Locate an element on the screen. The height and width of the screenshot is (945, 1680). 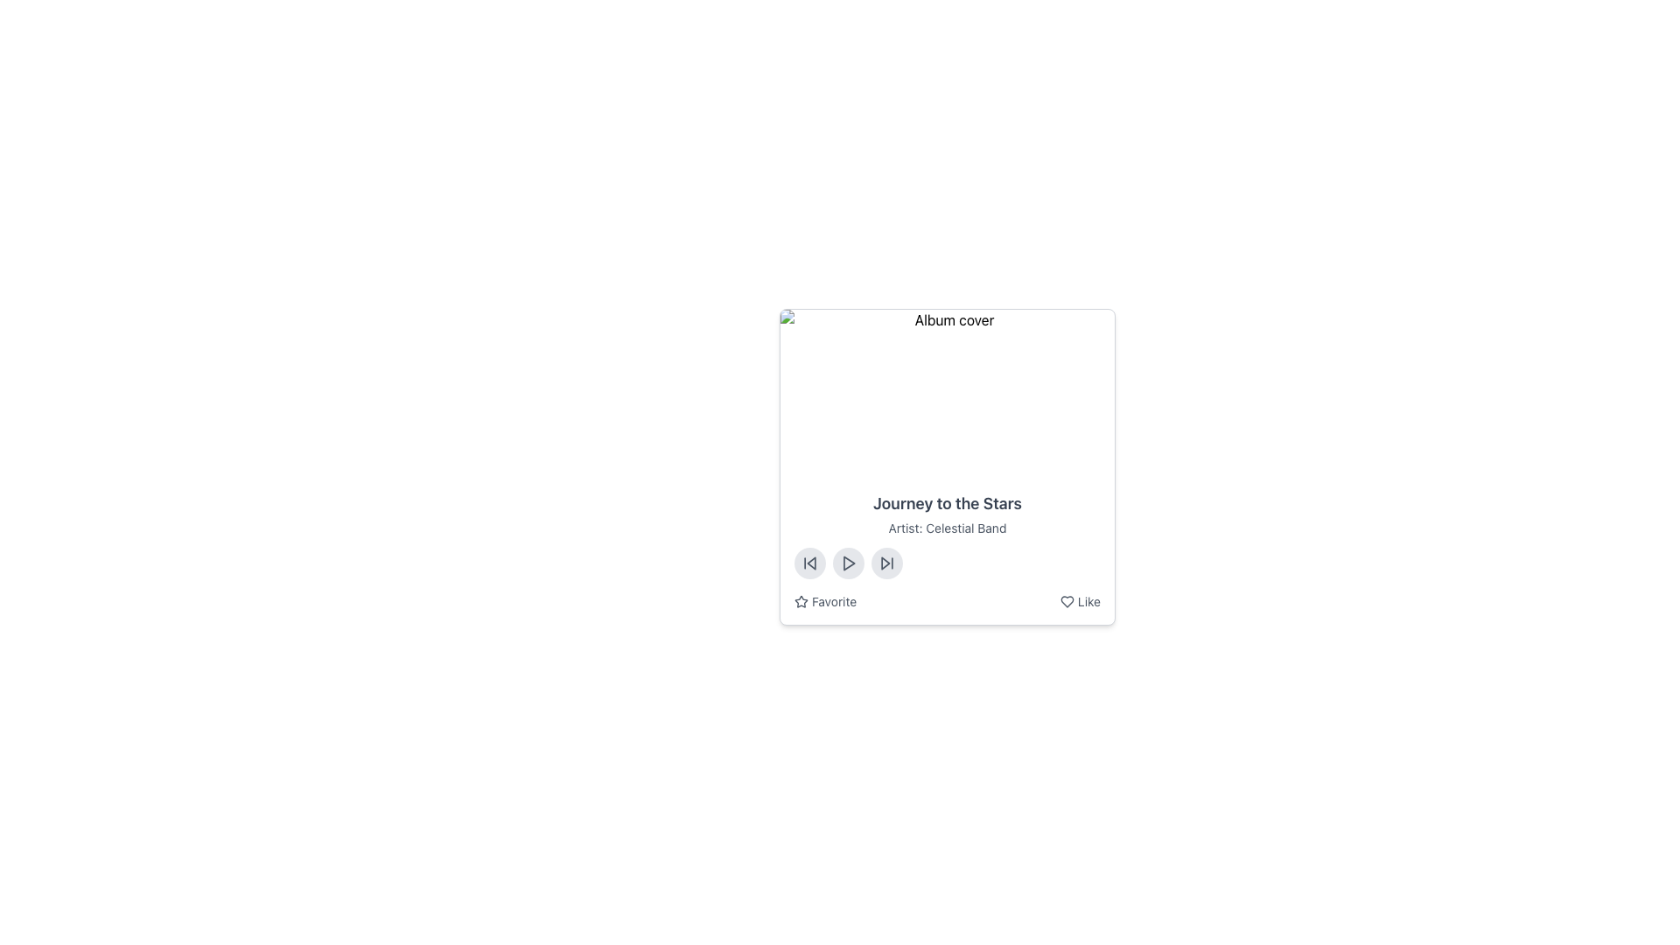
the Icon button for skipping to the previous track in the media player, located at the leftmost position among three control buttons is located at coordinates (809, 563).